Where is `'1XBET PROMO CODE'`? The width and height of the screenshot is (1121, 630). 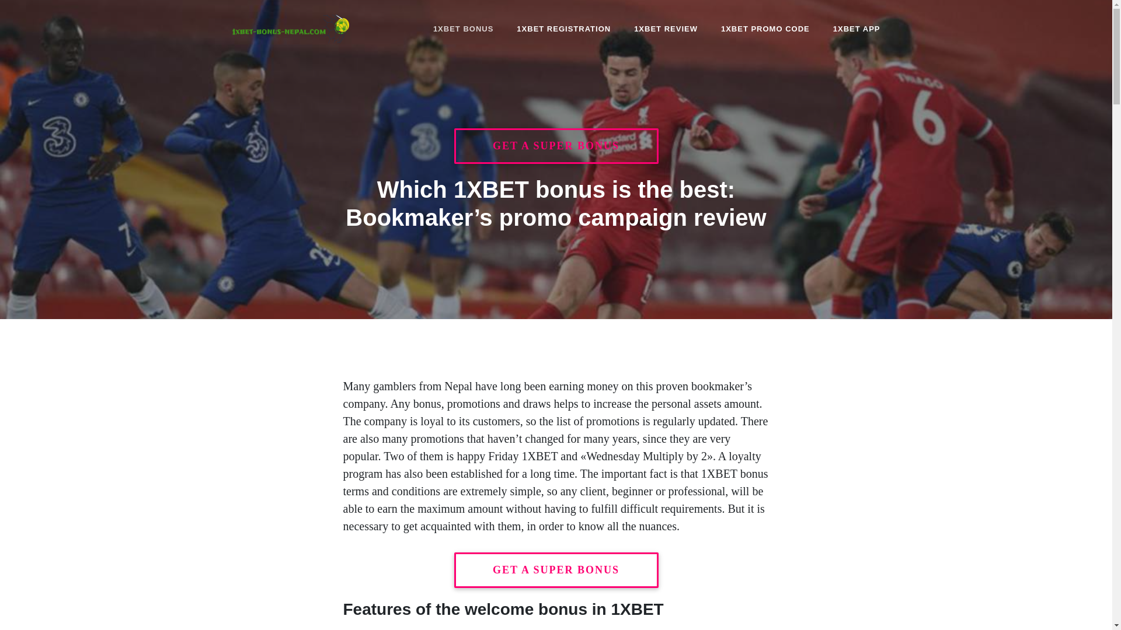
'1XBET PROMO CODE' is located at coordinates (765, 28).